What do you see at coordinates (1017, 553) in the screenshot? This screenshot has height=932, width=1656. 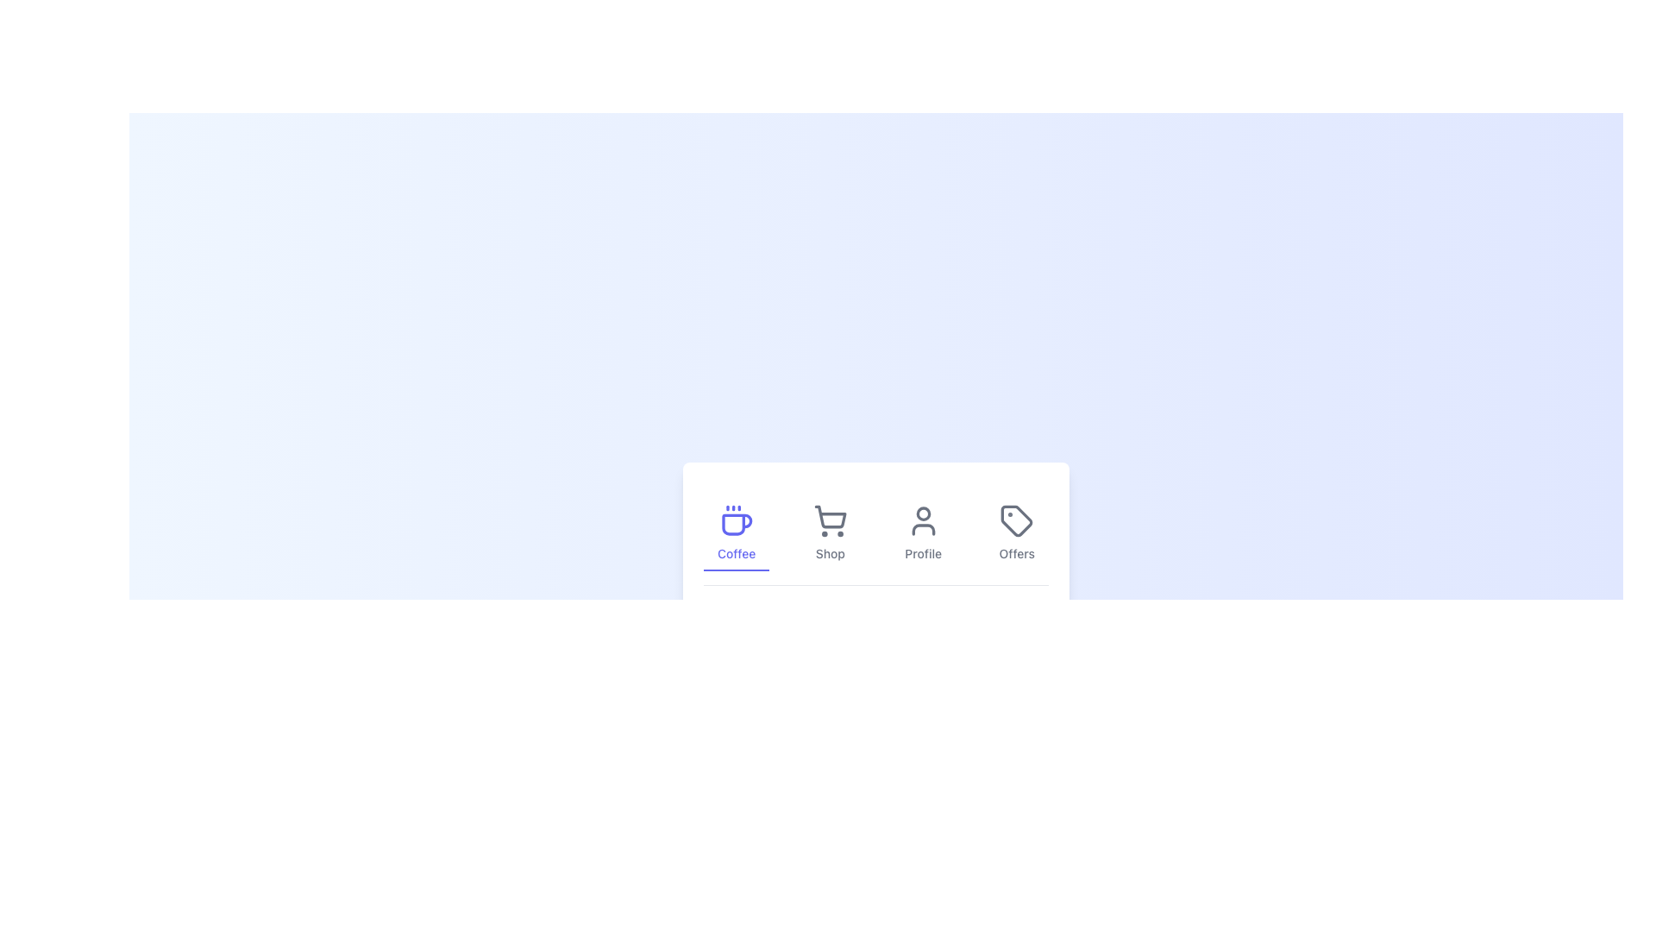 I see `the 'Offers' label, which is the last item` at bounding box center [1017, 553].